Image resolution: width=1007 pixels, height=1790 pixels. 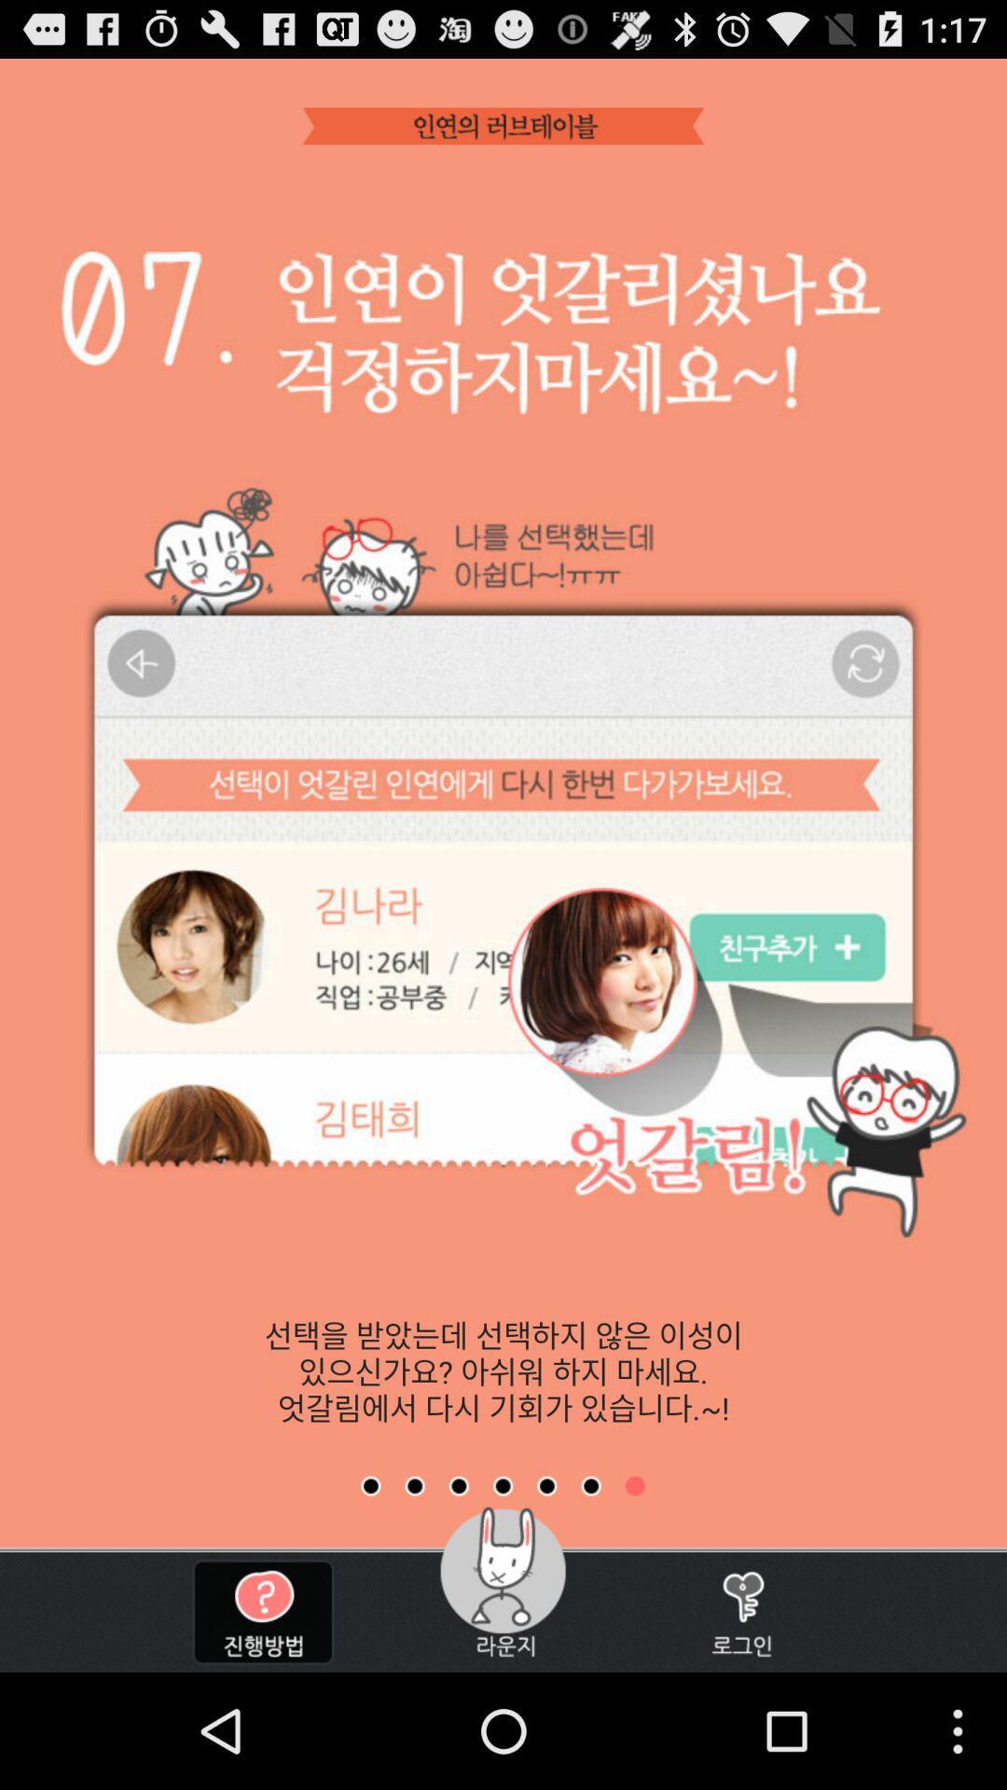 What do you see at coordinates (634, 1485) in the screenshot?
I see `scroll to last page` at bounding box center [634, 1485].